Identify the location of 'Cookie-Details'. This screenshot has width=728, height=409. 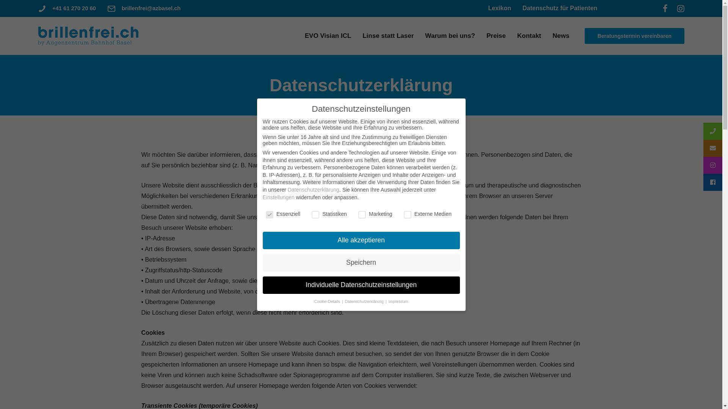
(328, 301).